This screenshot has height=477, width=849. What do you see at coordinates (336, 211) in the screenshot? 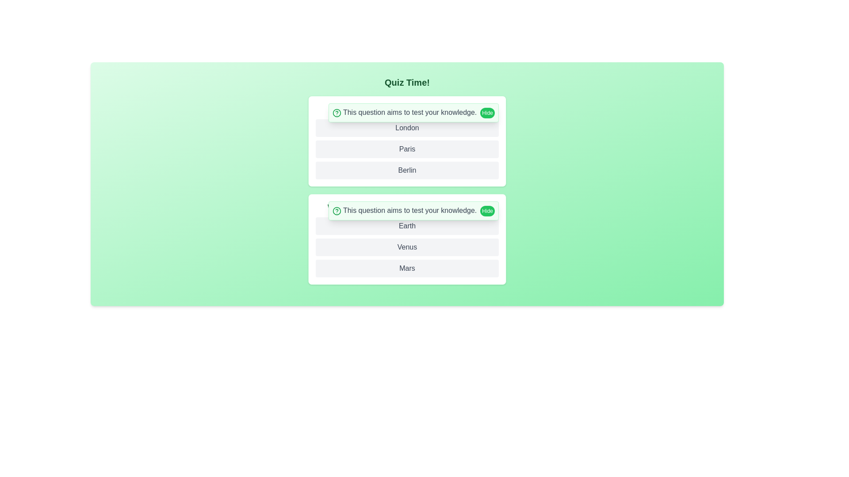
I see `the circular icon (SVG Circle) located to the left of the text 'This question aims to test your knowledge.' in the second green section below 'Quiz Time!'` at bounding box center [336, 211].